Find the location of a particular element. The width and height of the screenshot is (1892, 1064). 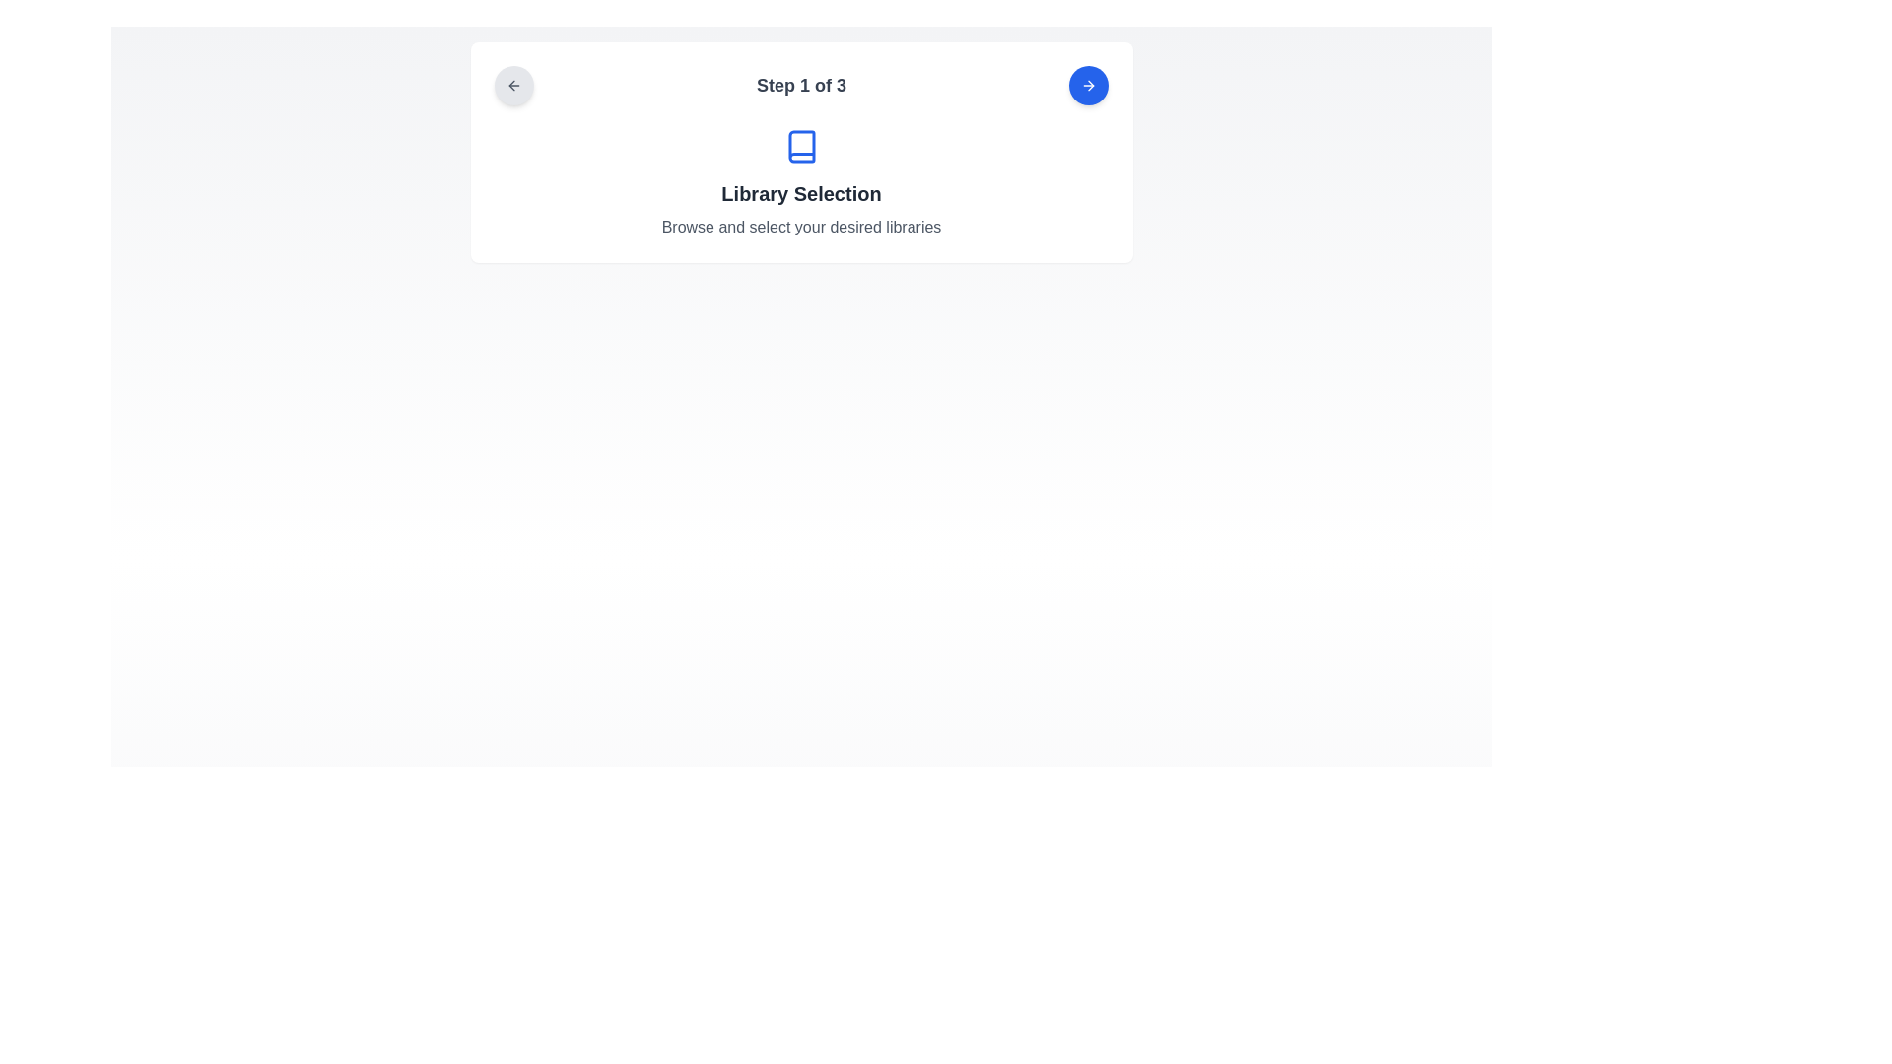

text 'Library Selection' and its accompanying subtitle 'Browse and select your desired libraries' from the central icon and text element located below the navigation header 'Step 1 of 3' is located at coordinates (801, 183).